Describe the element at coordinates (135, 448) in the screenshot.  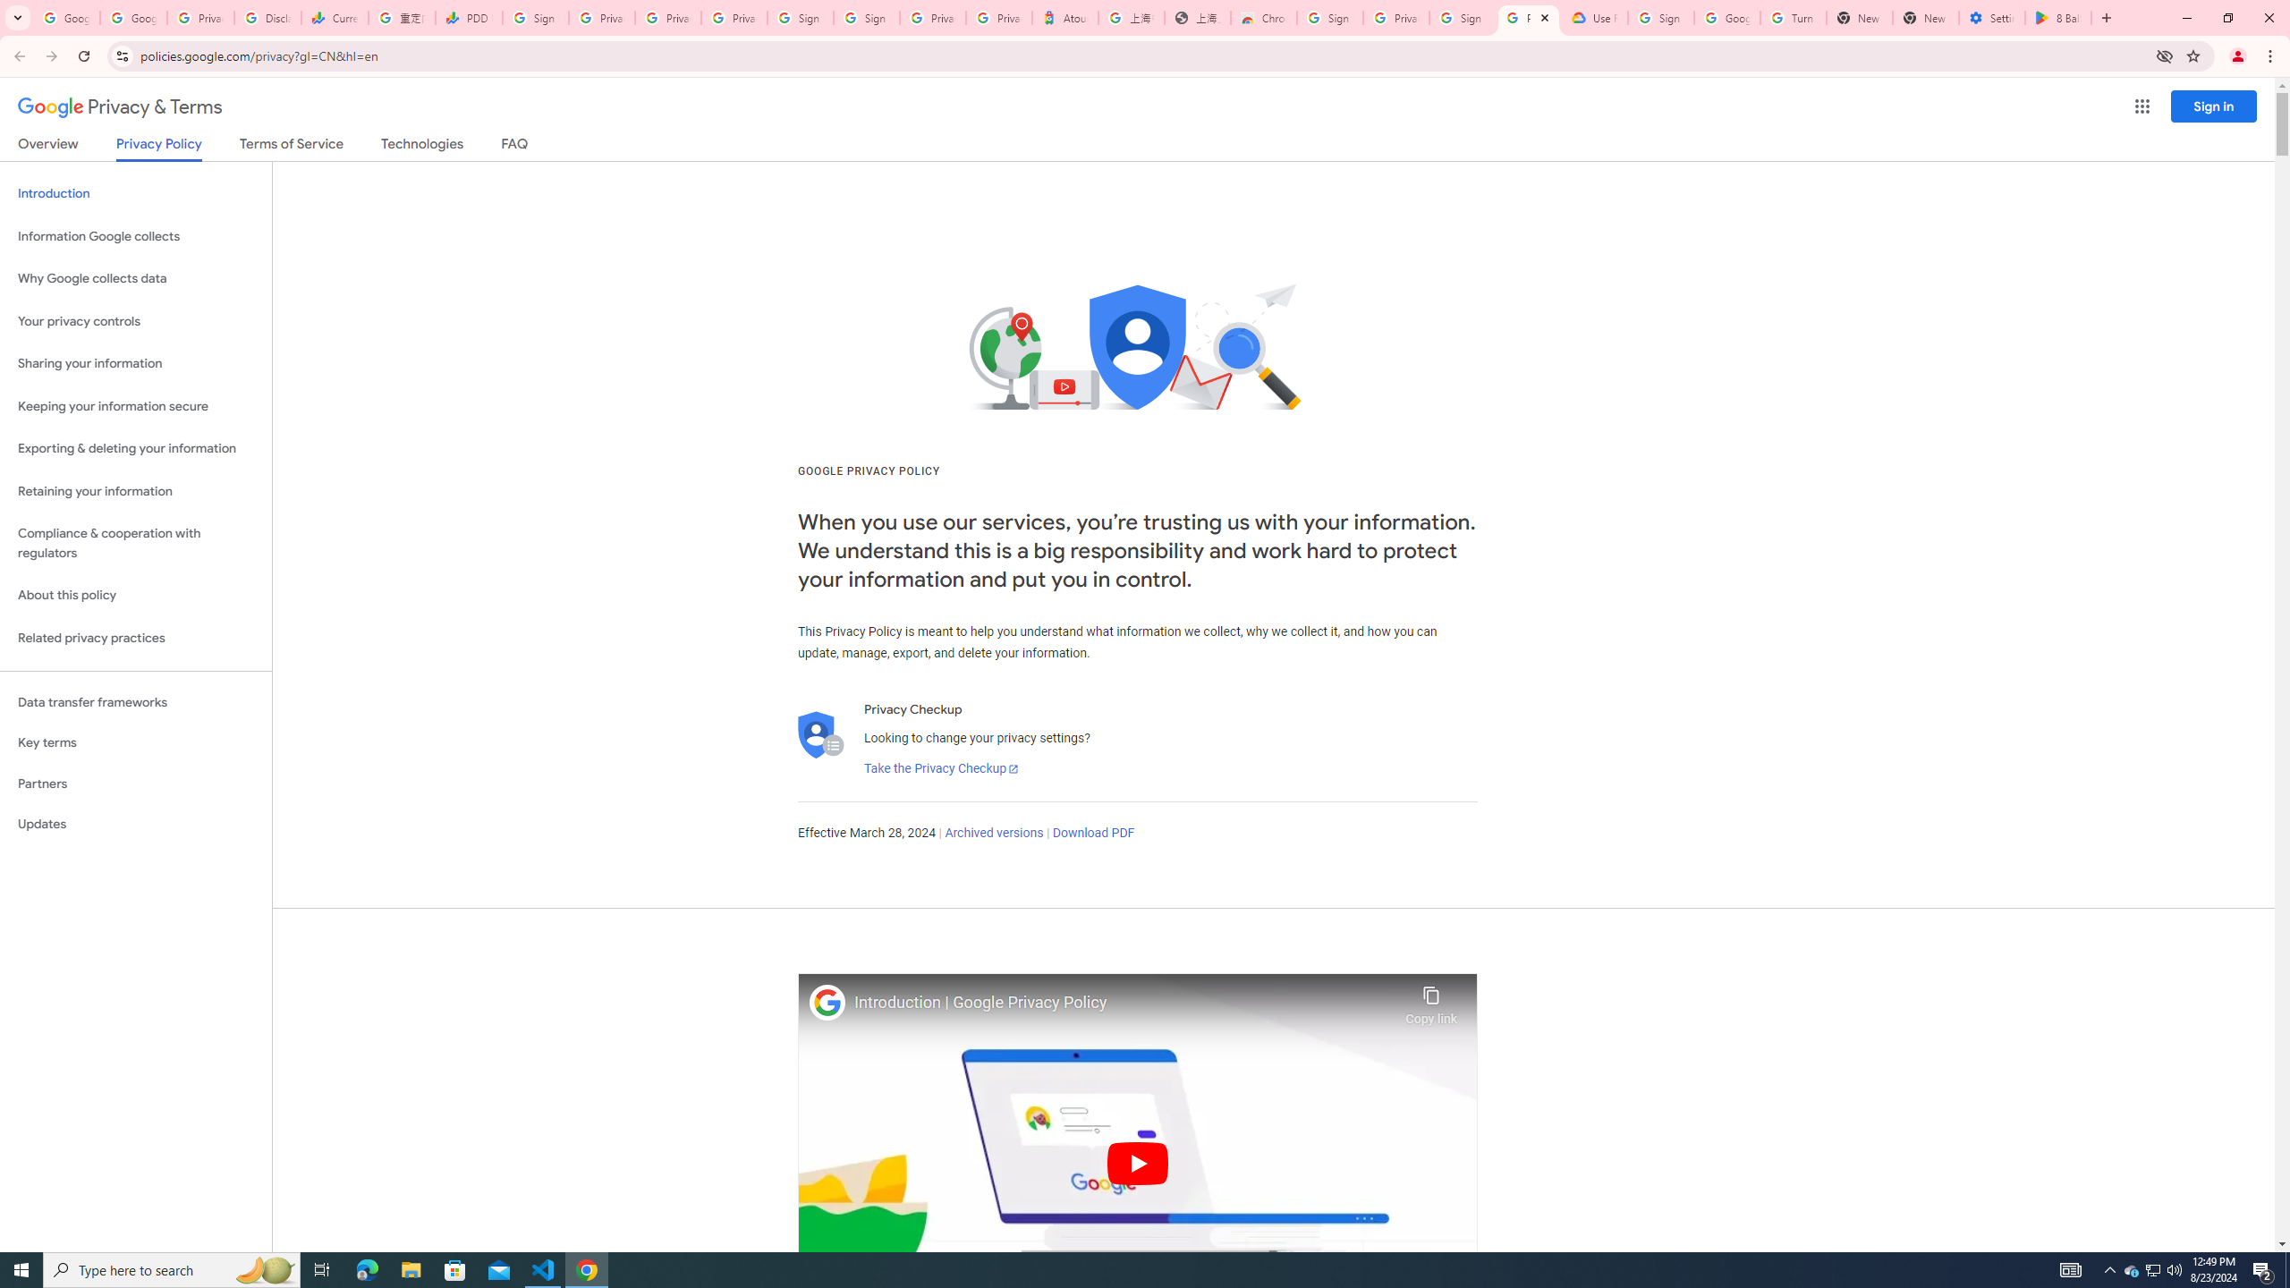
I see `'Exporting & deleting your information'` at that location.